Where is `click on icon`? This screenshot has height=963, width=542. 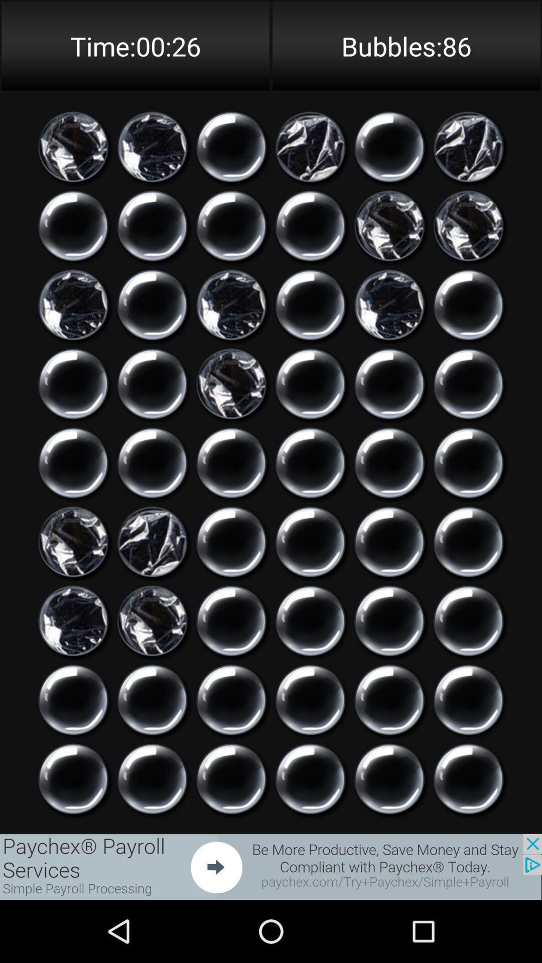 click on icon is located at coordinates (152, 541).